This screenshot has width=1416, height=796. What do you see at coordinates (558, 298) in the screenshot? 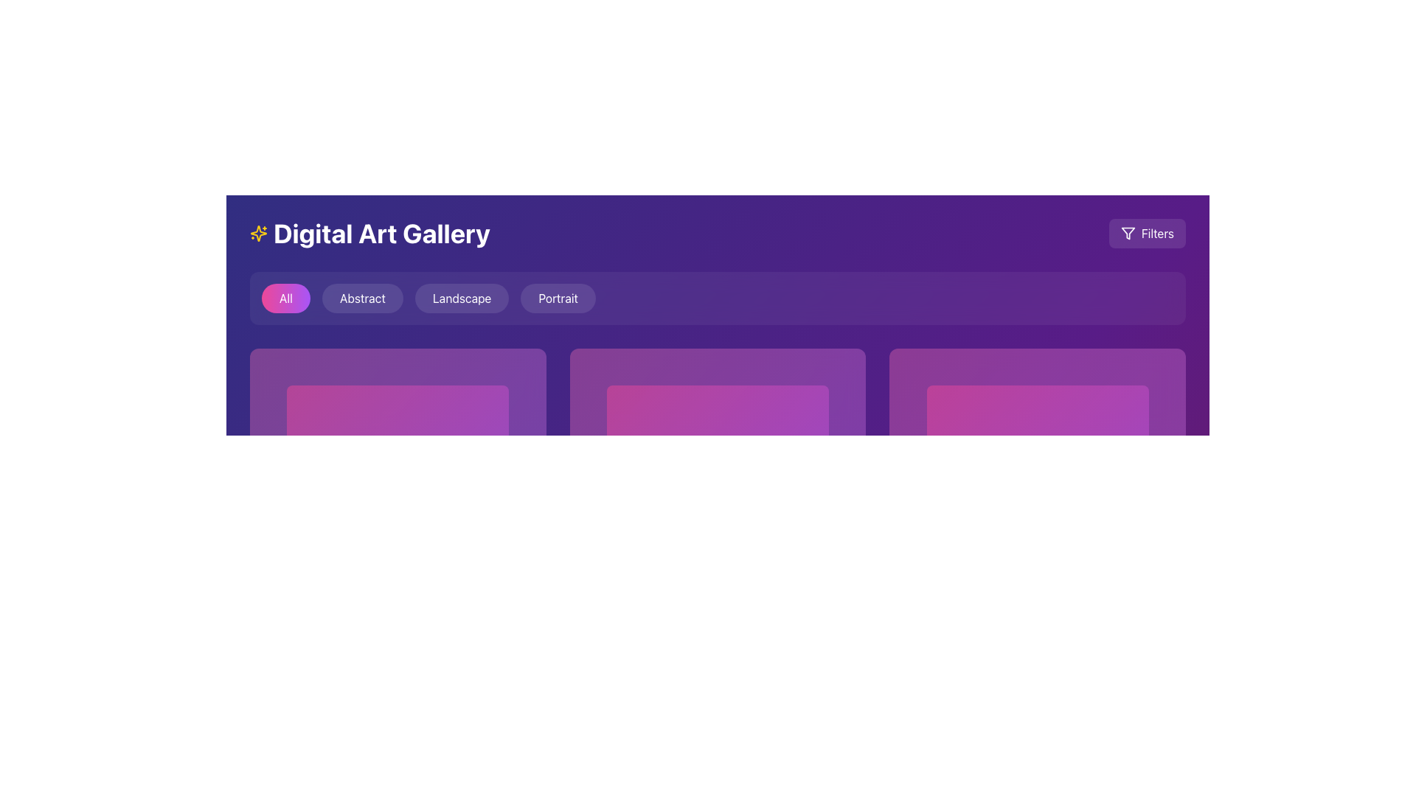
I see `the rounded button labeled 'Portrait' with a white font and a semi-transparent white background to observe the hover effect` at bounding box center [558, 298].